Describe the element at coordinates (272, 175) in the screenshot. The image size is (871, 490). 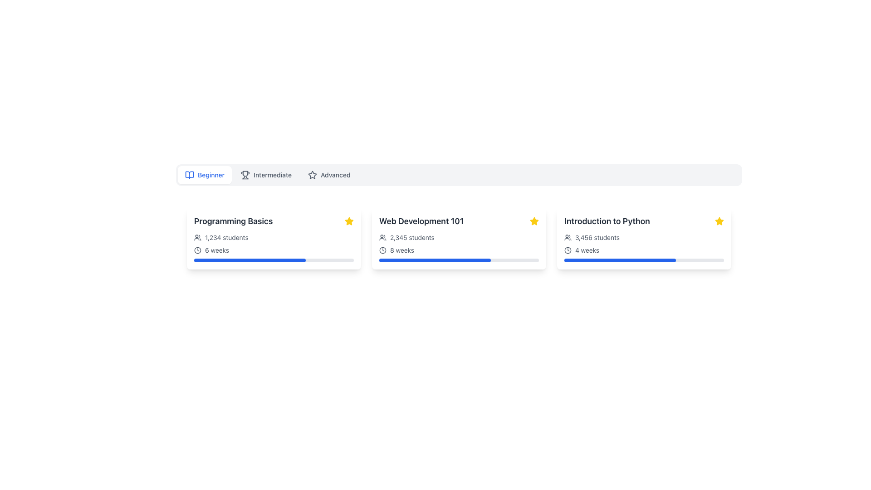
I see `the 'Intermediate' text label` at that location.